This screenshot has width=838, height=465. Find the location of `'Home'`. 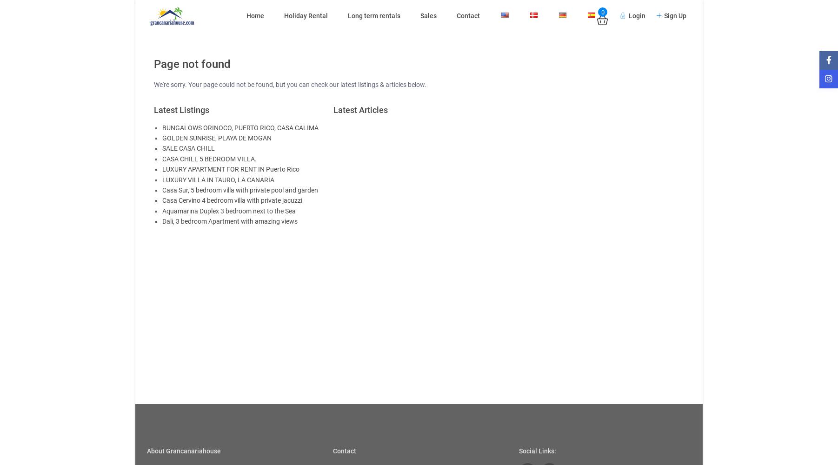

'Home' is located at coordinates (254, 16).